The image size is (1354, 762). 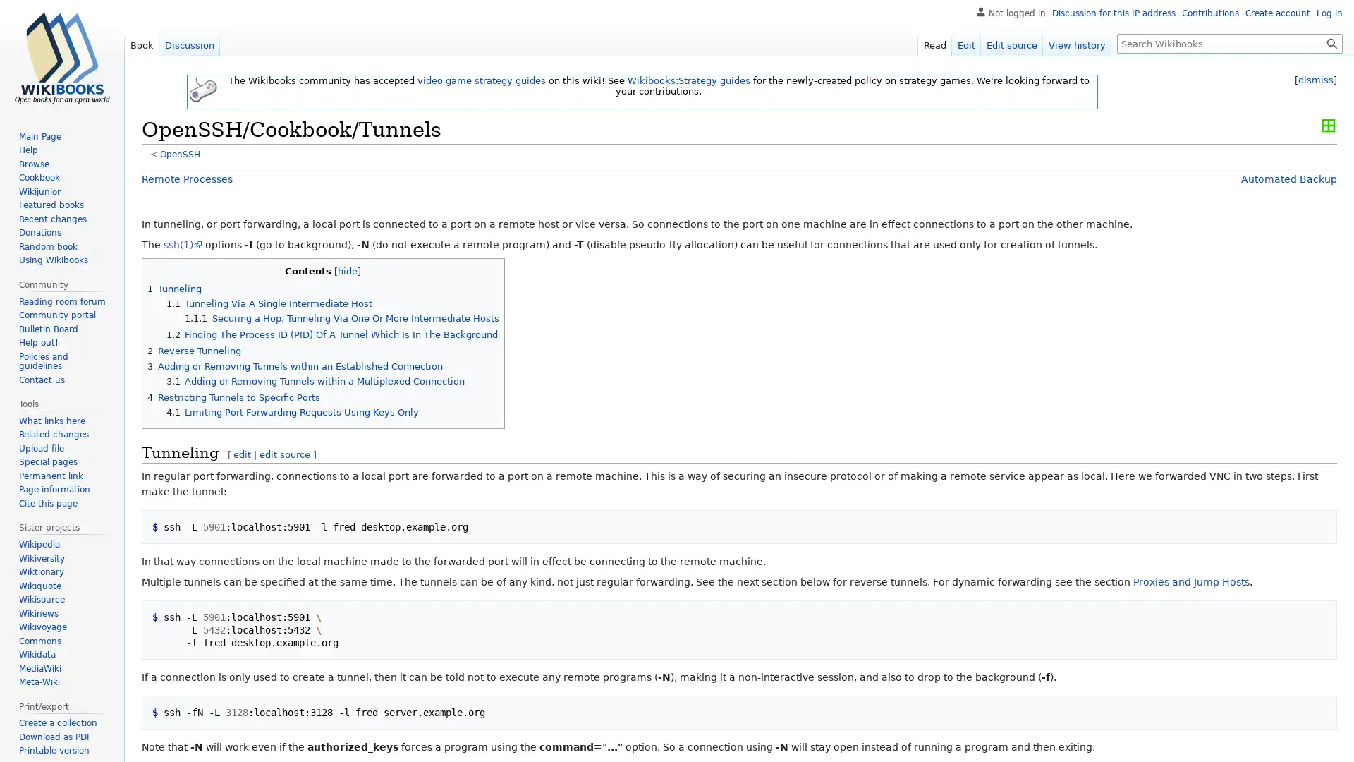 What do you see at coordinates (1331, 42) in the screenshot?
I see `Go` at bounding box center [1331, 42].